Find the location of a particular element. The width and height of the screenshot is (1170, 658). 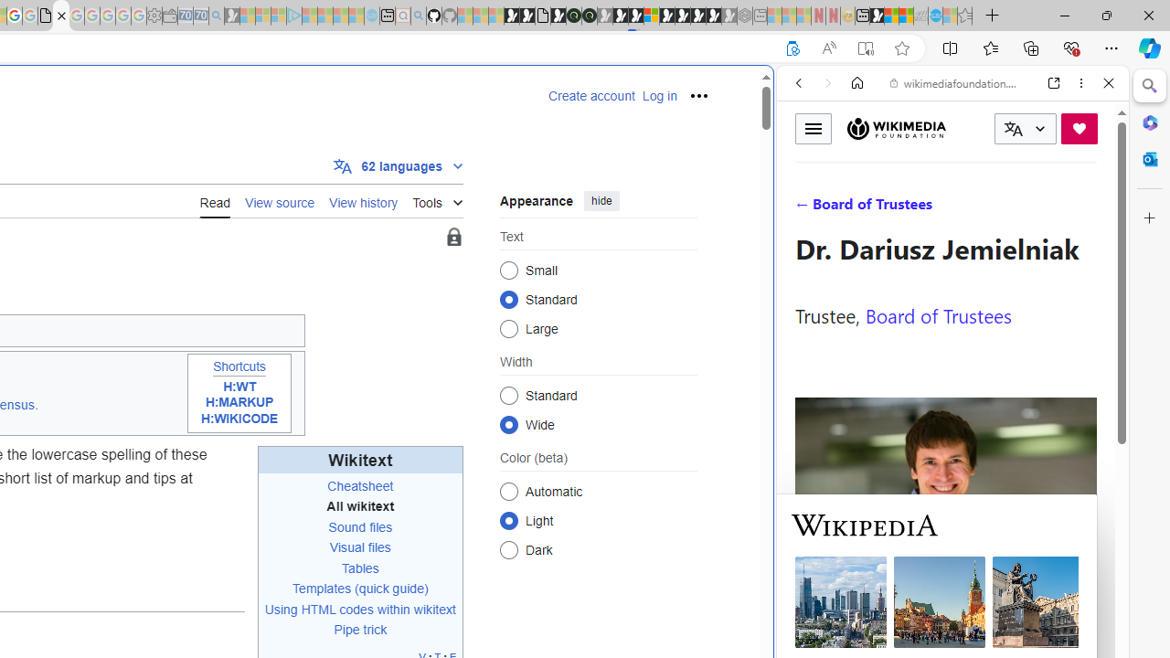

'H:WIKICODE' is located at coordinates (239, 418).